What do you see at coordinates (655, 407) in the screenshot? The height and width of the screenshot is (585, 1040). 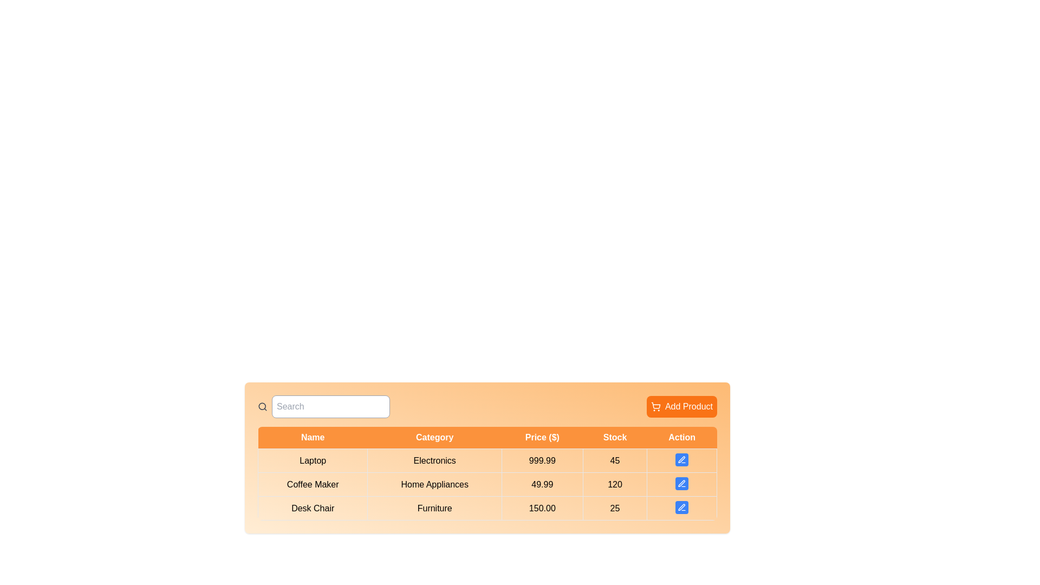 I see `the shopping cart icon located next to the 'Add Product' text in the top-right corner of the main interface panel` at bounding box center [655, 407].